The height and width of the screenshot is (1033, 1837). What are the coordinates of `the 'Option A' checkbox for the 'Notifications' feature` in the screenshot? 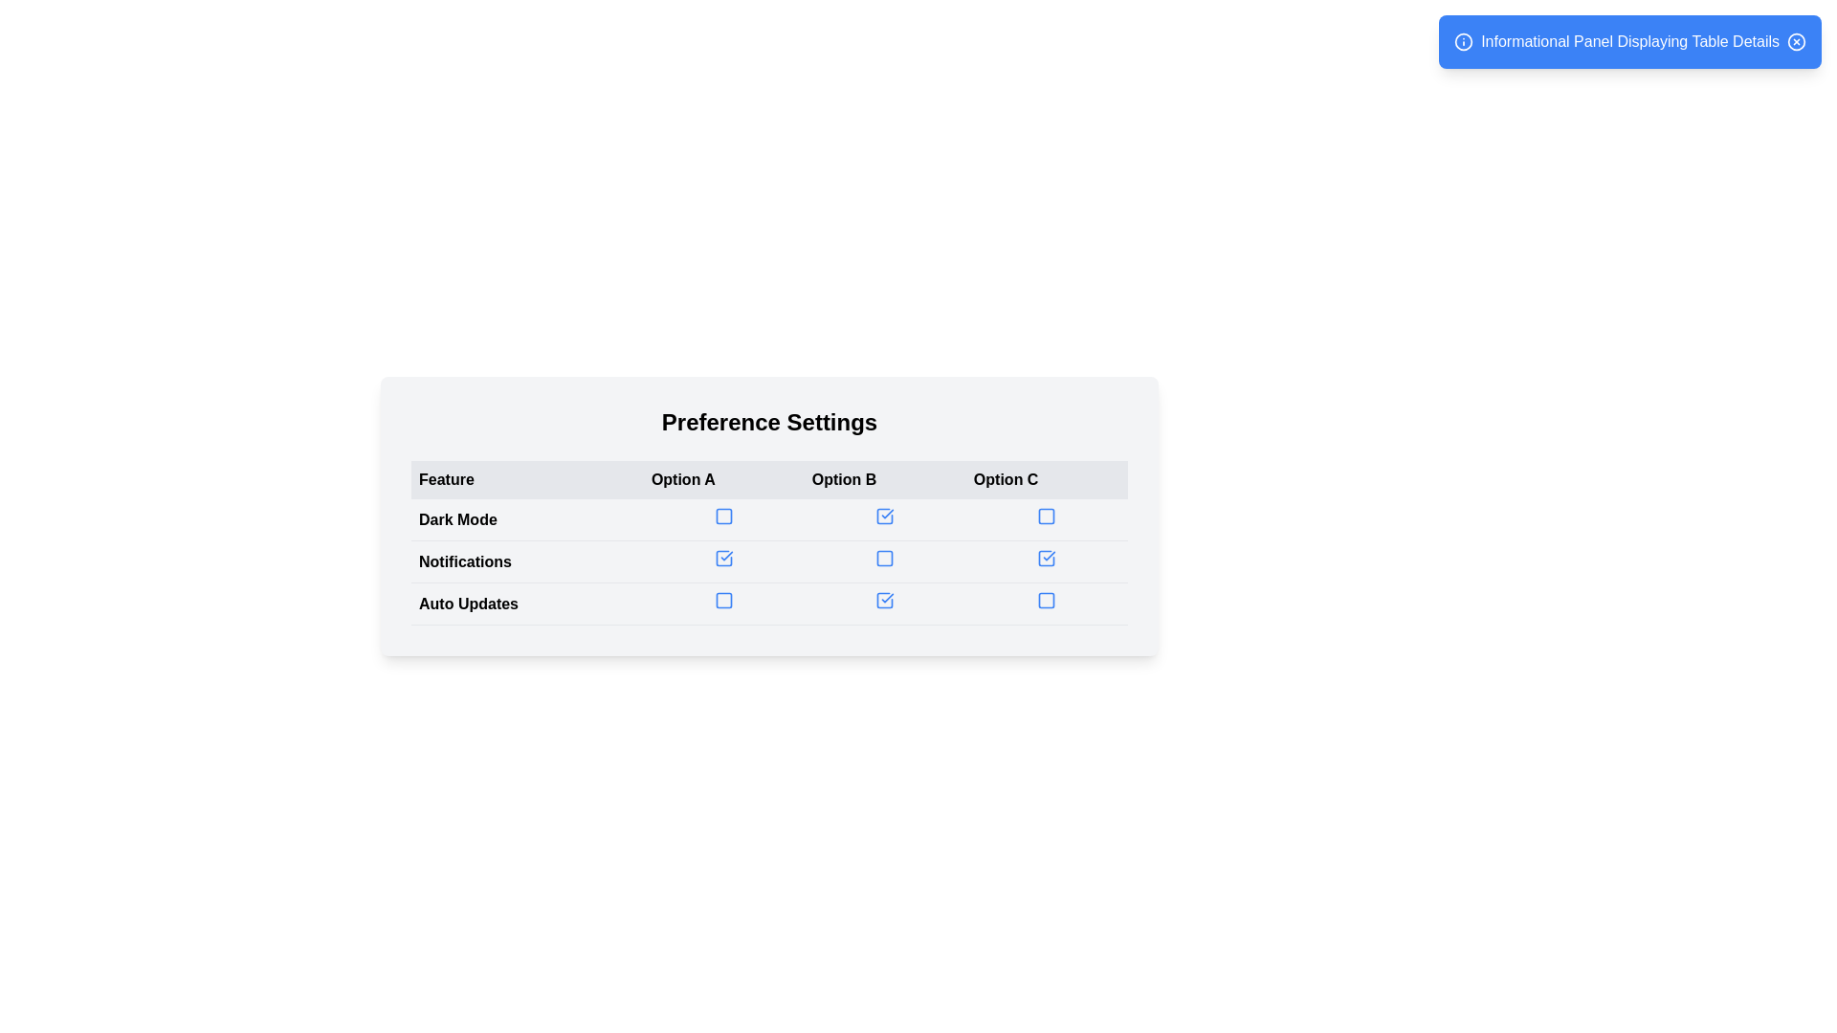 It's located at (722, 558).